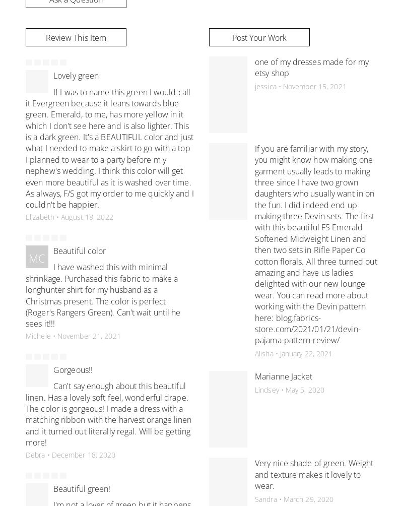  I want to click on 'MC', so click(36, 258).